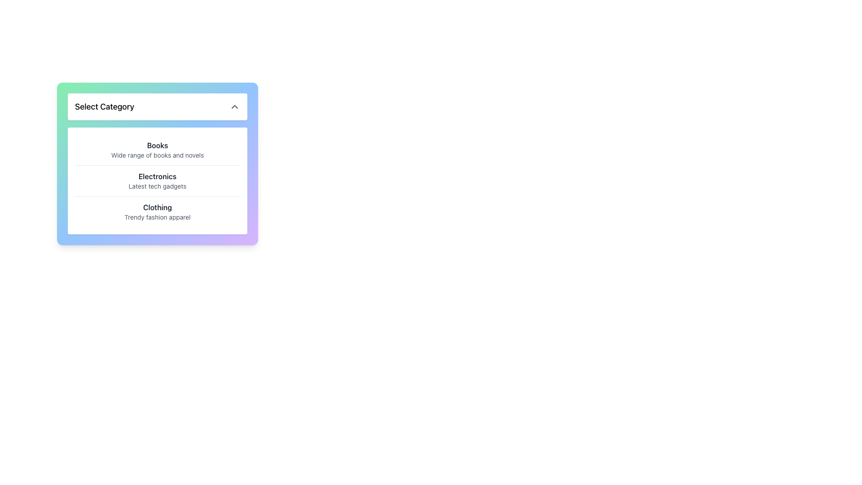  I want to click on the first list item titled 'Books' that has a tagline 'Wide range of books and novels', styled with a bold title and lighter tagline, located within a white background box, so click(157, 150).